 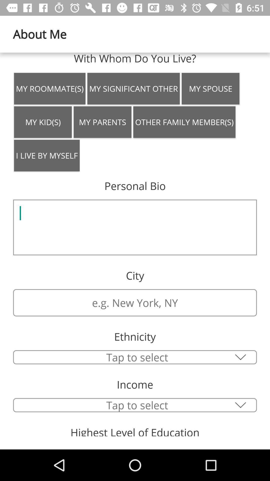 What do you see at coordinates (133, 89) in the screenshot?
I see `the icon to the left of my spouse item` at bounding box center [133, 89].